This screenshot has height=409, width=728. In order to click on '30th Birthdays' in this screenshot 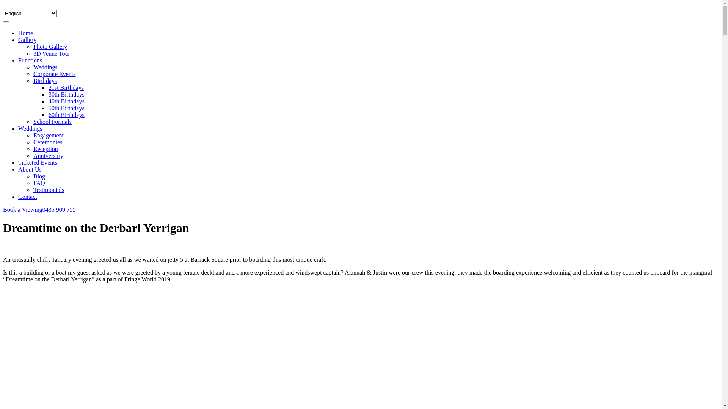, I will do `click(48, 94)`.